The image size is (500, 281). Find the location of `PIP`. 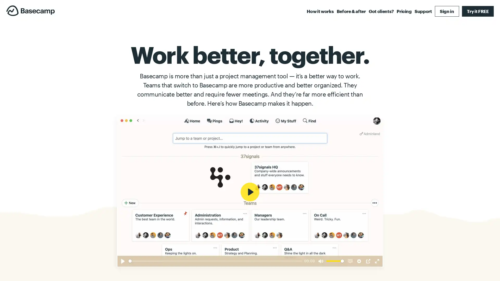

PIP is located at coordinates (367, 261).